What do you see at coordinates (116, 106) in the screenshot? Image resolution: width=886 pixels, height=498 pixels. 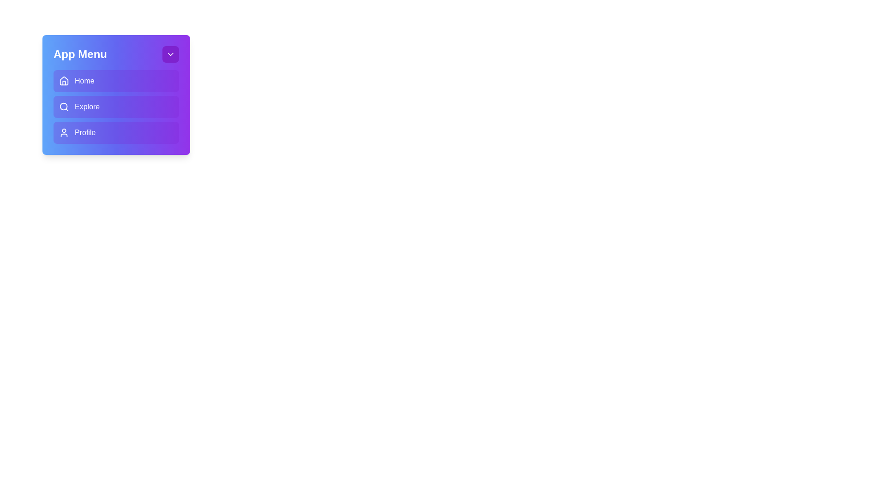 I see `the 'Explore' button located` at bounding box center [116, 106].